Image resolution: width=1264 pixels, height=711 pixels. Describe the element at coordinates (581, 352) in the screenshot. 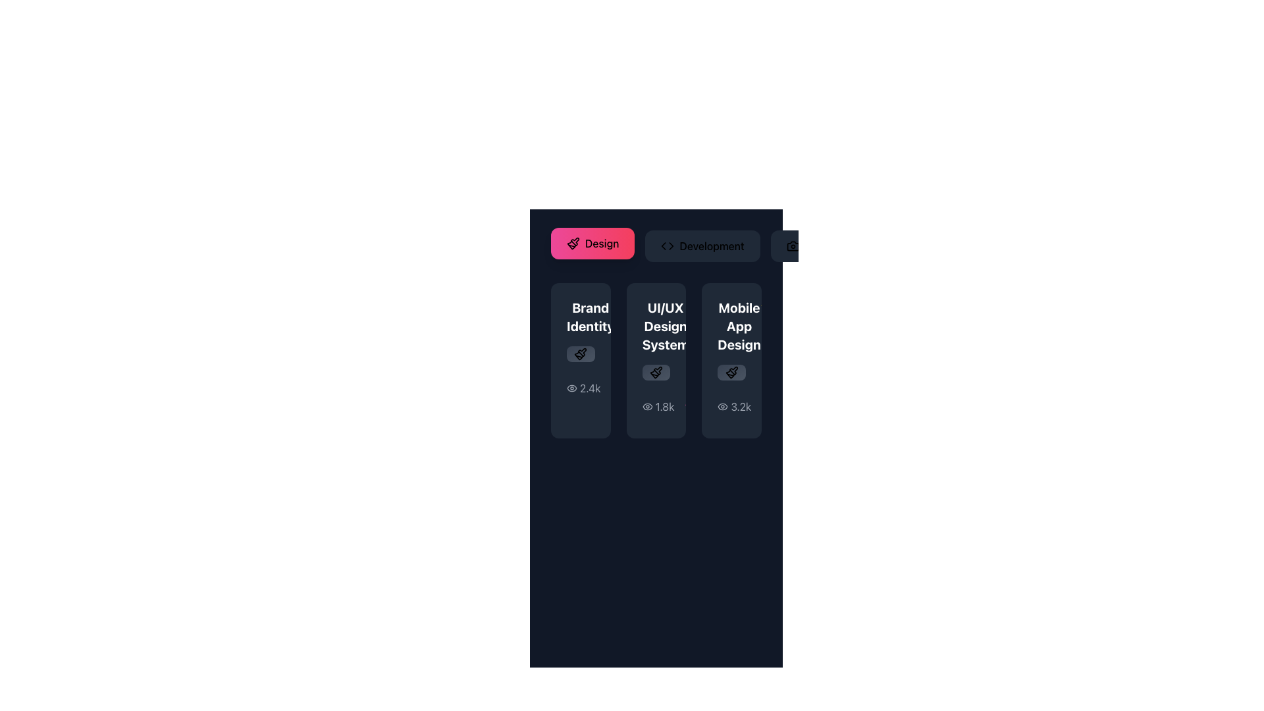

I see `the 'Brand Identity' icon, which is a non-interactive SVG graphic located centrally within the first card of the vertical stack, directly above the numeric counter` at that location.